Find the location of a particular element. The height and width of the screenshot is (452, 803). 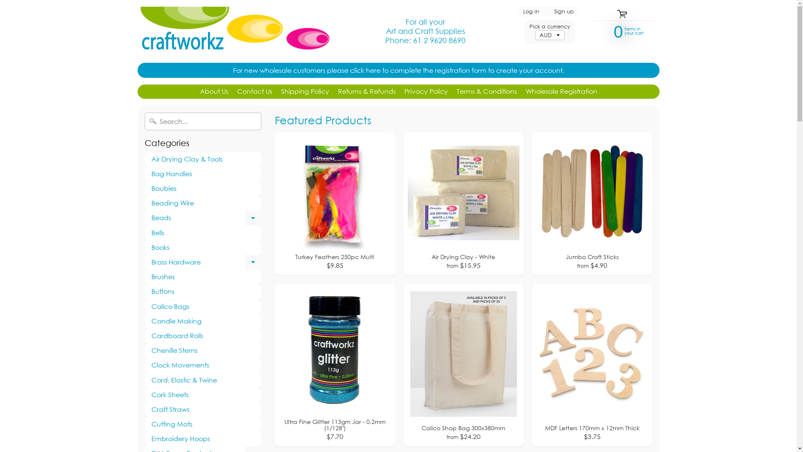

'Cord, Elastic & Twine' is located at coordinates (203, 380).